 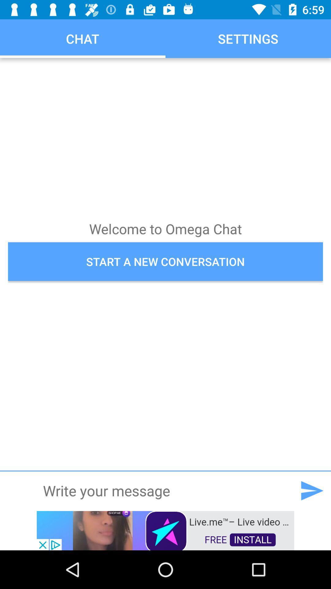 What do you see at coordinates (165, 530) in the screenshot?
I see `advertisement` at bounding box center [165, 530].